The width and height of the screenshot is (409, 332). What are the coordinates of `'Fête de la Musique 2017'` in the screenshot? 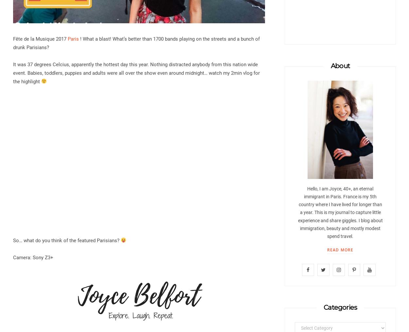 It's located at (13, 39).